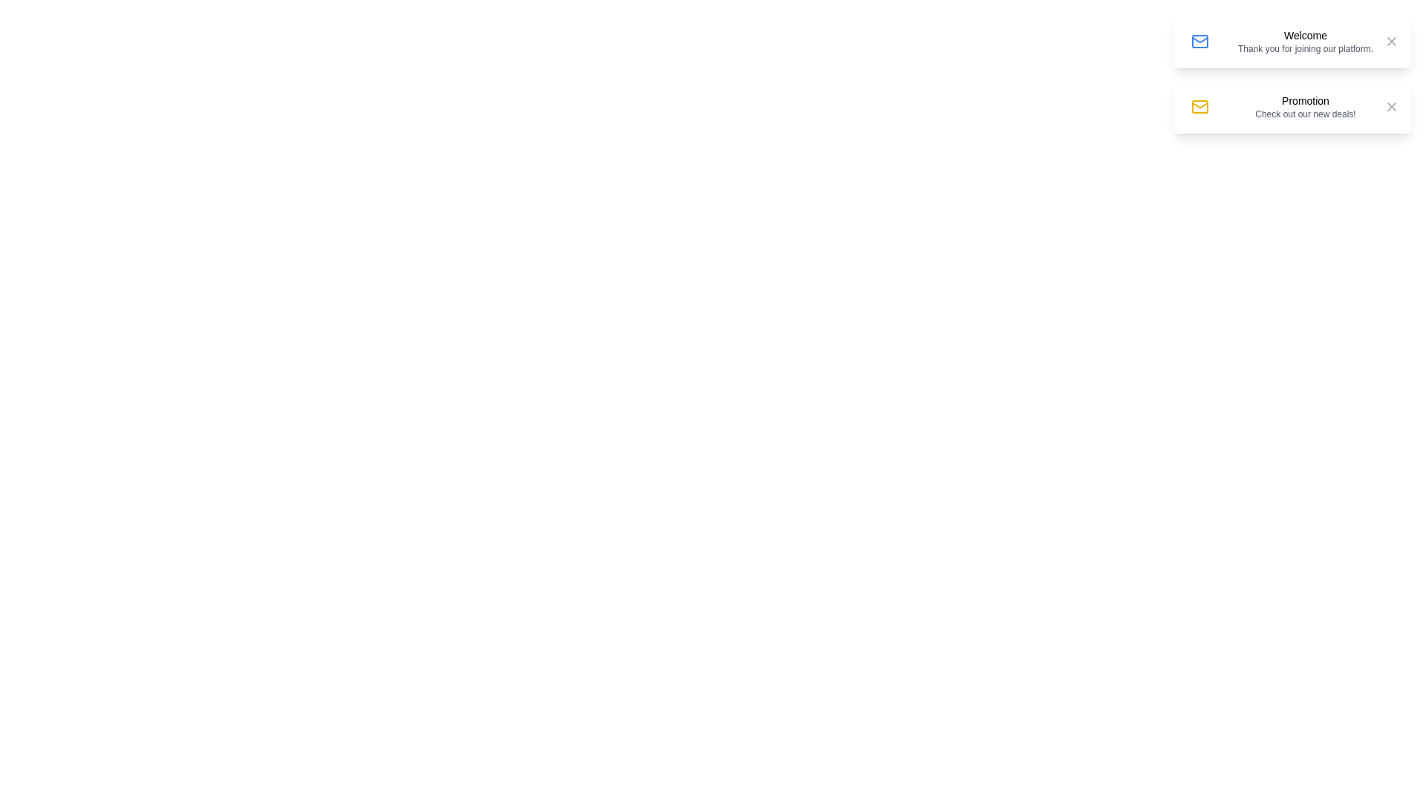  Describe the element at coordinates (1200, 41) in the screenshot. I see `the compact blue-colored mail icon featuring a simple envelope symbol, located at the top-left corner of the notification card` at that location.